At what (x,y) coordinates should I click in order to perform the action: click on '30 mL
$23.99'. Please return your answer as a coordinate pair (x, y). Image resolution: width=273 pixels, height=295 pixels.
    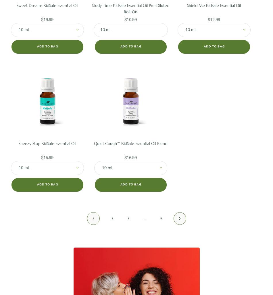
    Looking at the image, I should click on (214, 50).